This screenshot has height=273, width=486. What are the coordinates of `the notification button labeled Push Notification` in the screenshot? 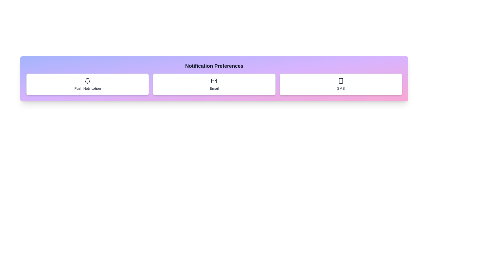 It's located at (87, 84).